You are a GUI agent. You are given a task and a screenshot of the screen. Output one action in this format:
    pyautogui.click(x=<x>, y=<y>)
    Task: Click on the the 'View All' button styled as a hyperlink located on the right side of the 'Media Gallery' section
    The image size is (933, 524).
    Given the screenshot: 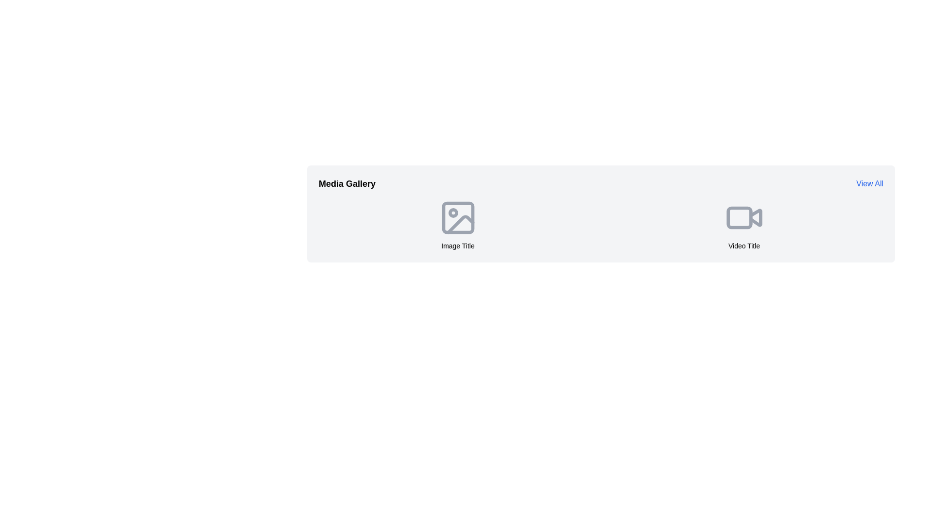 What is the action you would take?
    pyautogui.click(x=870, y=183)
    